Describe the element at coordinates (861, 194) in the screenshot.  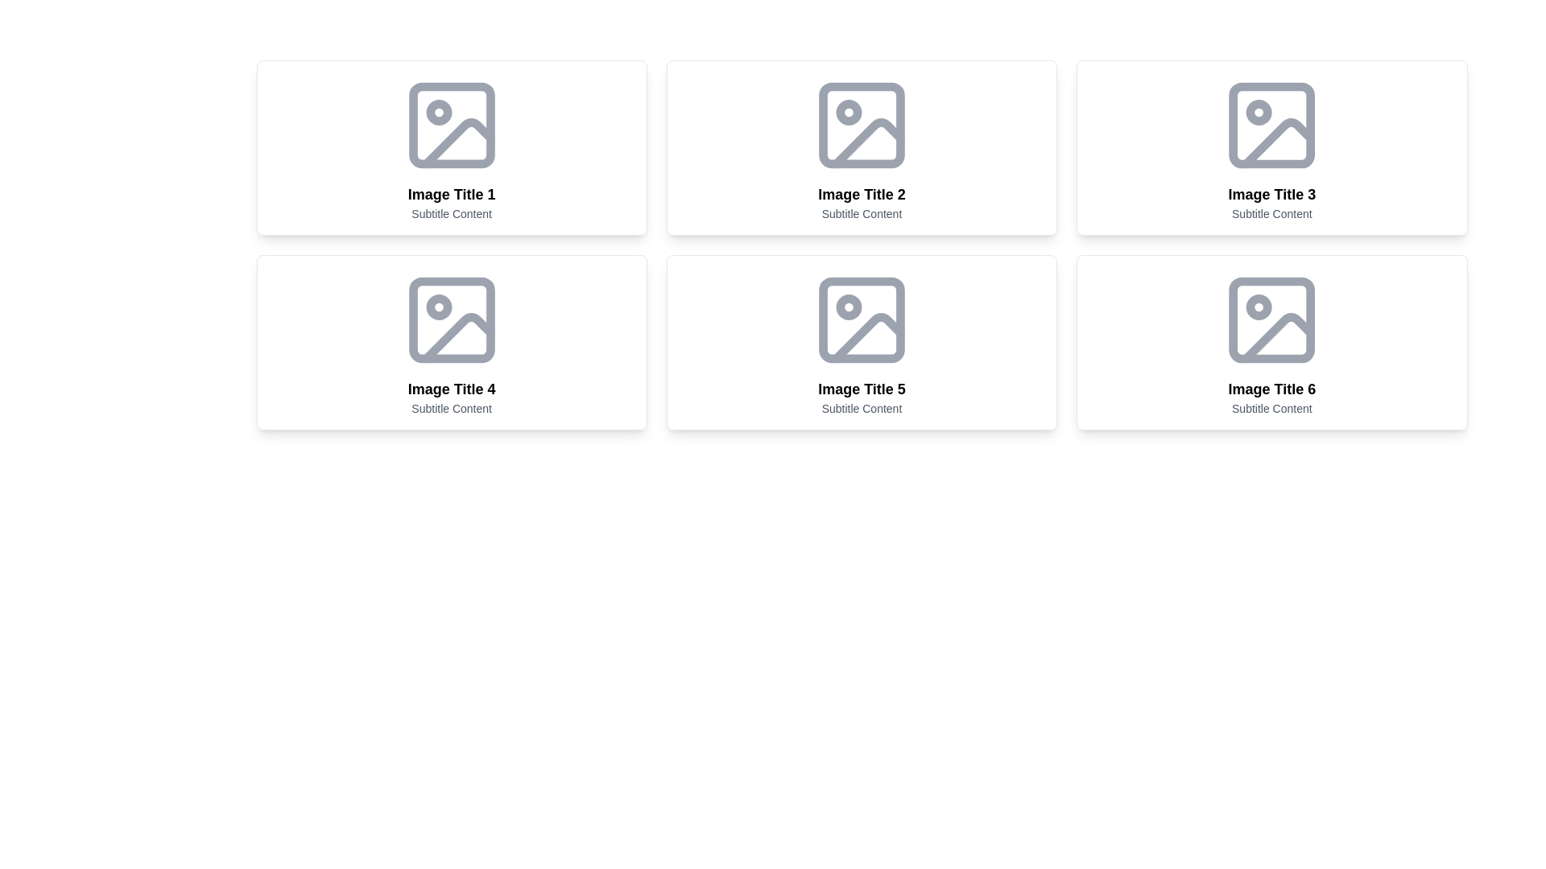
I see `title 'Image Title 2' from the header text label located in the middle column of the top row card layout` at that location.